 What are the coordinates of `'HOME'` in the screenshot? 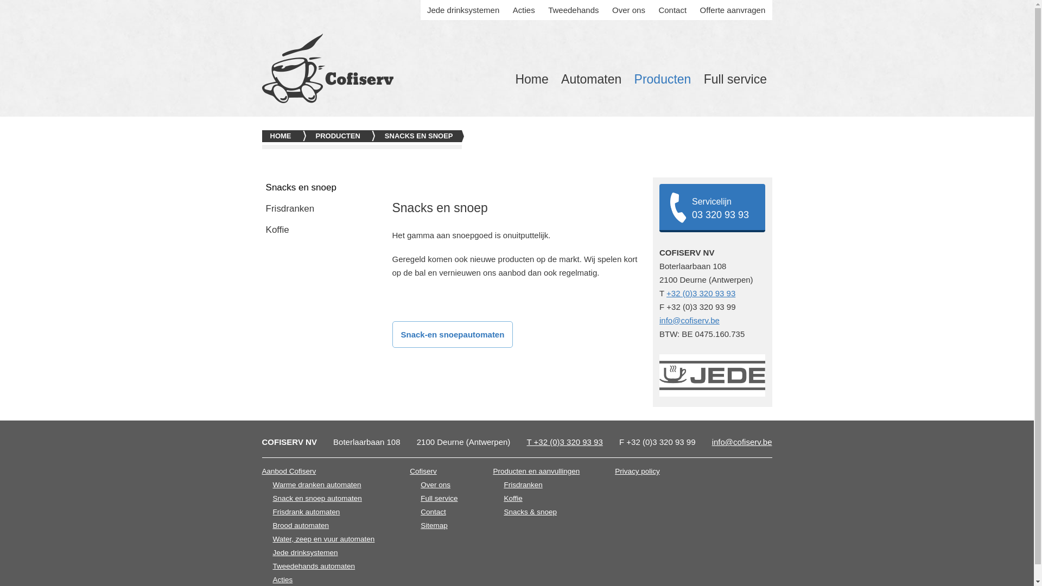 It's located at (284, 135).